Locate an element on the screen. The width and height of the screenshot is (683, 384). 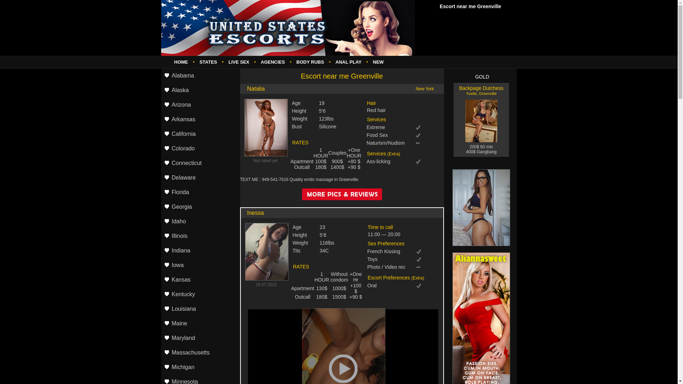
'Florida' is located at coordinates (199, 192).